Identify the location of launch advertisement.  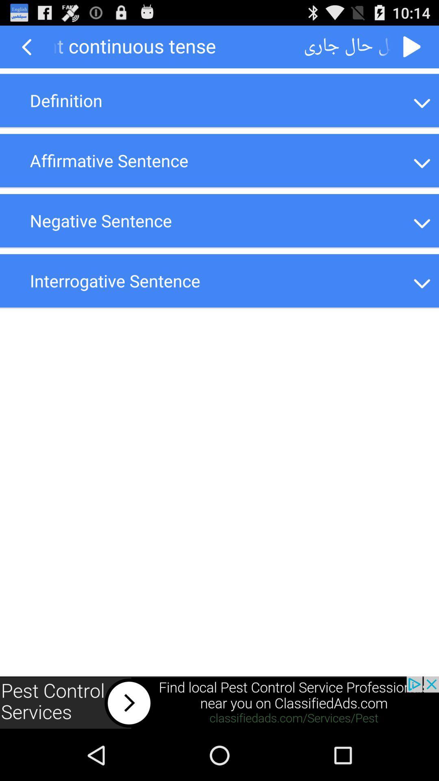
(219, 702).